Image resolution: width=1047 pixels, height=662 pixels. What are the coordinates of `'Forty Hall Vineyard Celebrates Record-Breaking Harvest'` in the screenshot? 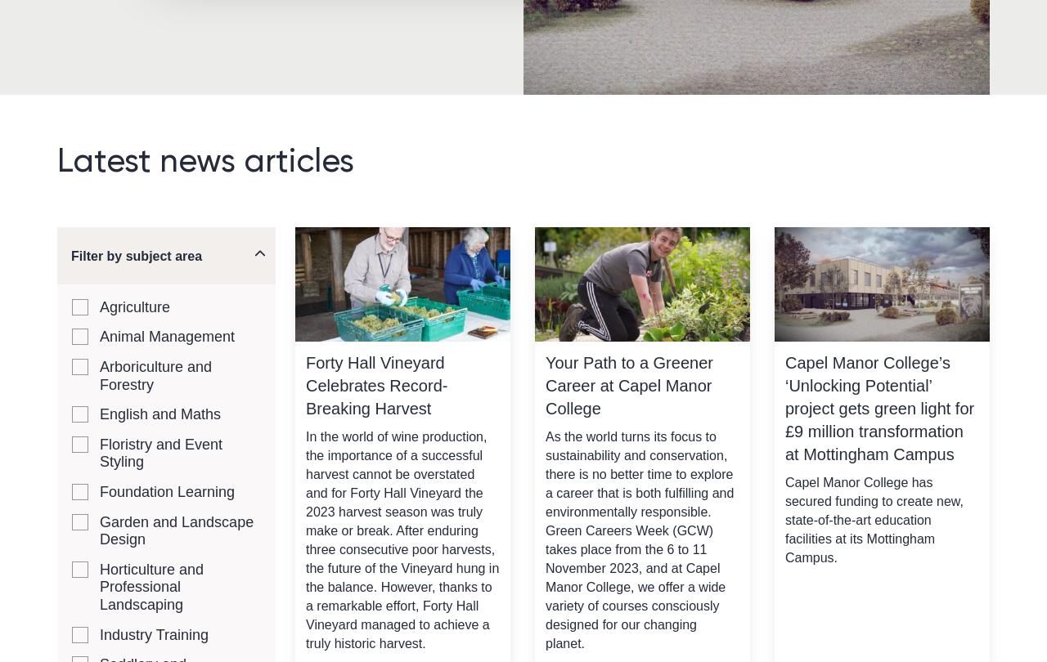 It's located at (375, 385).